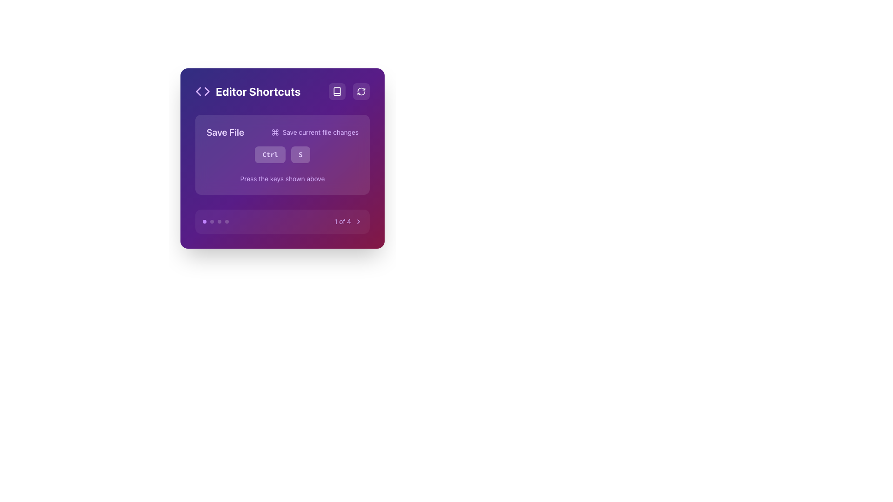 Image resolution: width=893 pixels, height=502 pixels. What do you see at coordinates (198, 91) in the screenshot?
I see `the left triangular part of the double-chevron icon located on the left side of the 'Editor Shortcuts' header bar` at bounding box center [198, 91].